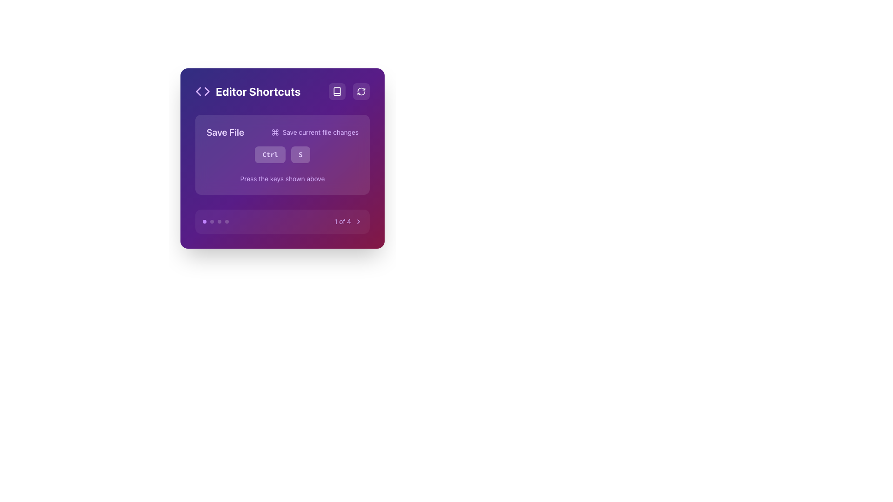 Image resolution: width=893 pixels, height=502 pixels. What do you see at coordinates (198, 91) in the screenshot?
I see `the left triangular part of the double-chevron icon located on the left side of the 'Editor Shortcuts' header bar` at bounding box center [198, 91].